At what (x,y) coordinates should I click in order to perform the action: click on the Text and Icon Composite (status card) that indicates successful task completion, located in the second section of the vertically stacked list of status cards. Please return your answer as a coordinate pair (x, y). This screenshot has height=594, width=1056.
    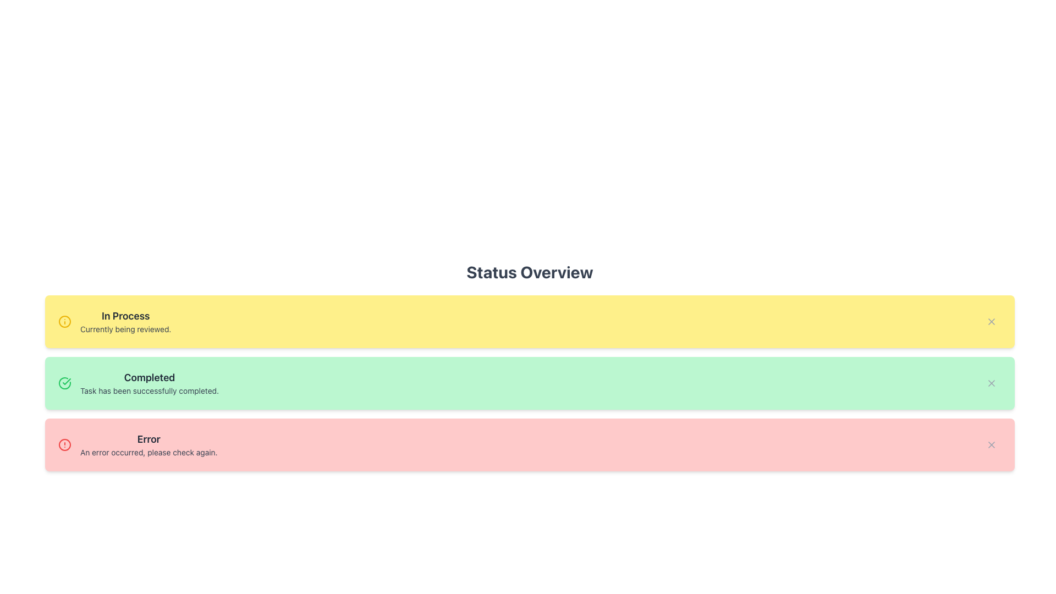
    Looking at the image, I should click on (138, 383).